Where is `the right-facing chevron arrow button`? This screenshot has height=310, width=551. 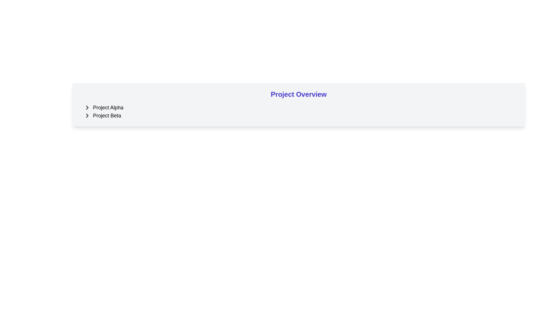
the right-facing chevron arrow button is located at coordinates (87, 115).